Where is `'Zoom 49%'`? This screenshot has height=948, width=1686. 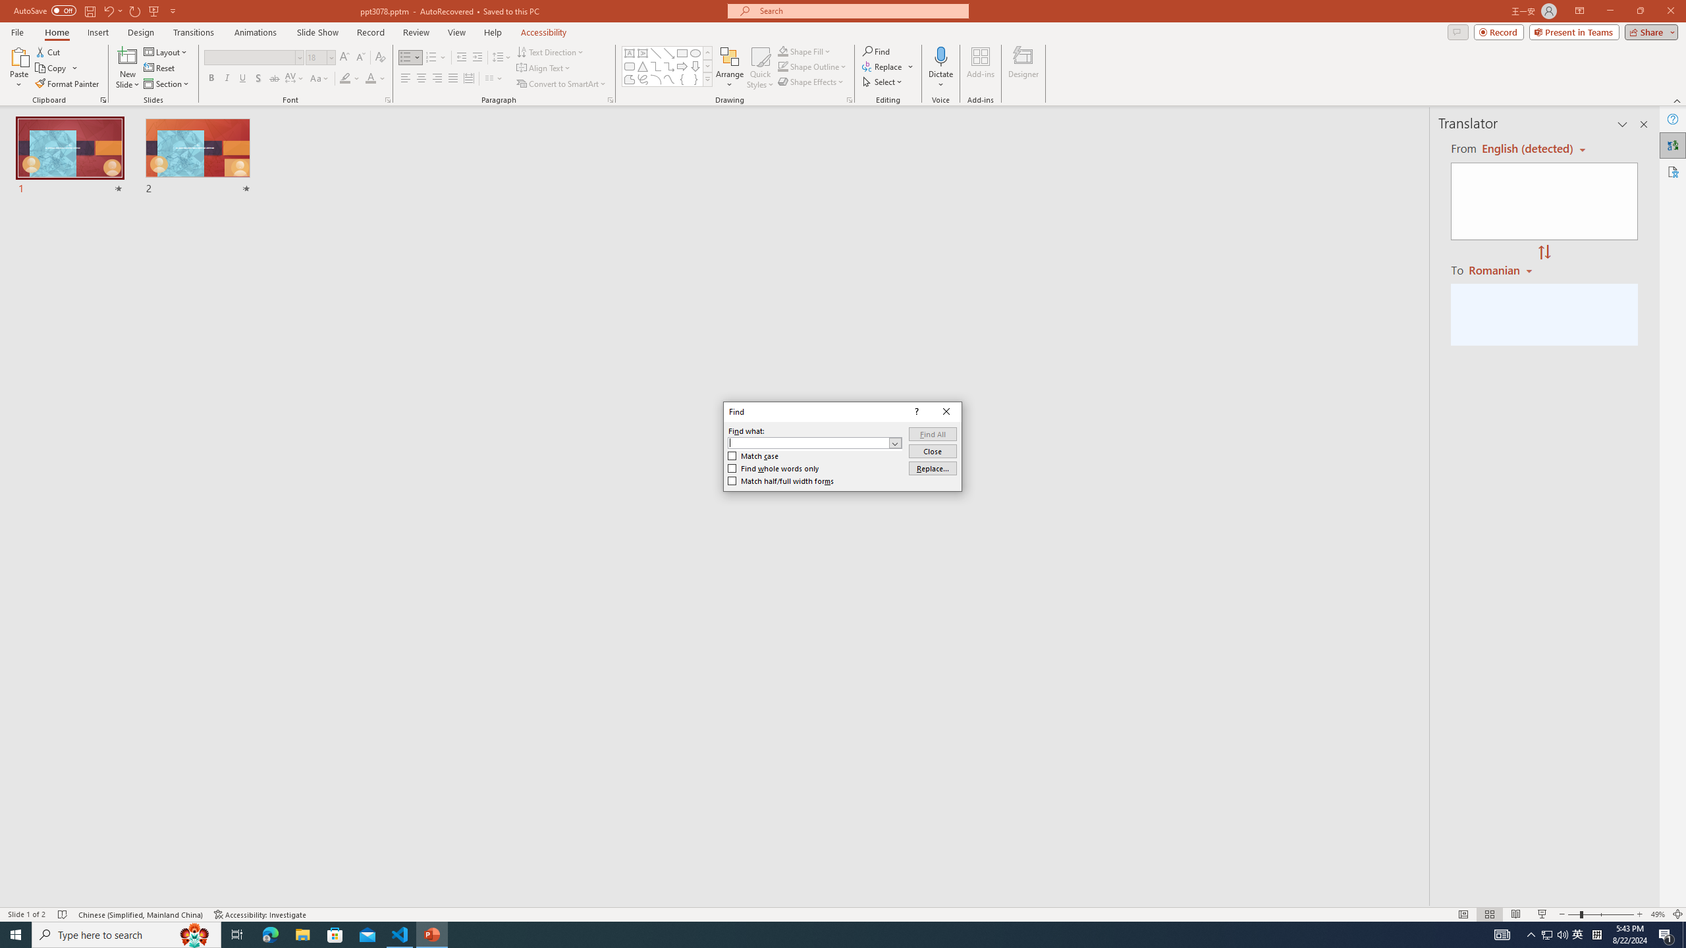
'Zoom 49%' is located at coordinates (1657, 914).